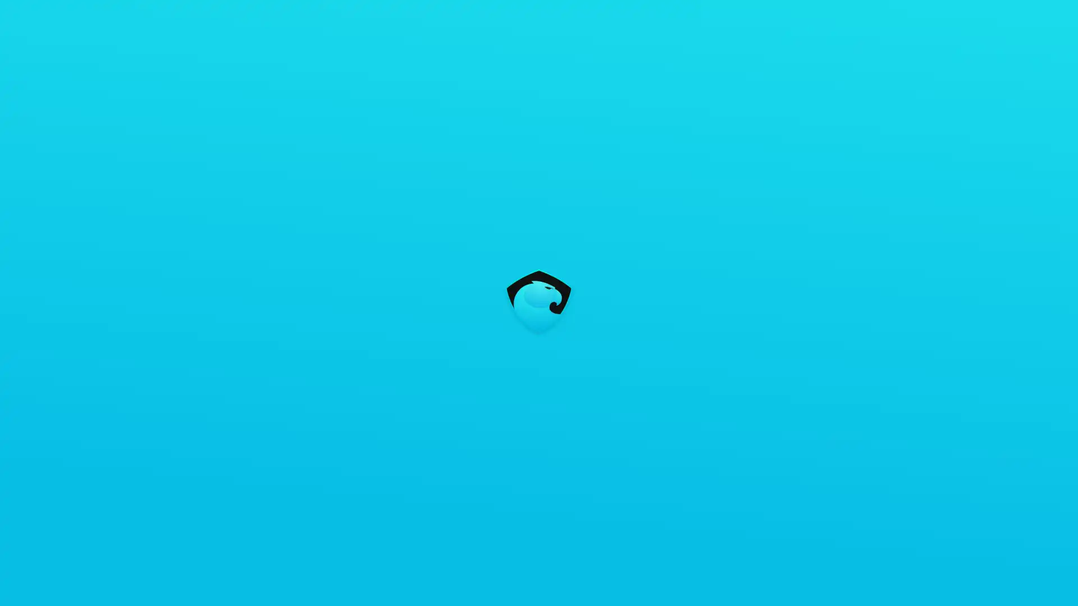 The width and height of the screenshot is (1078, 606). Describe the element at coordinates (905, 17) in the screenshot. I see `Ethereum` at that location.